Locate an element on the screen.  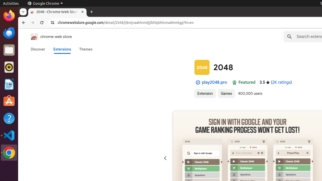
'Files' is located at coordinates (9, 50).